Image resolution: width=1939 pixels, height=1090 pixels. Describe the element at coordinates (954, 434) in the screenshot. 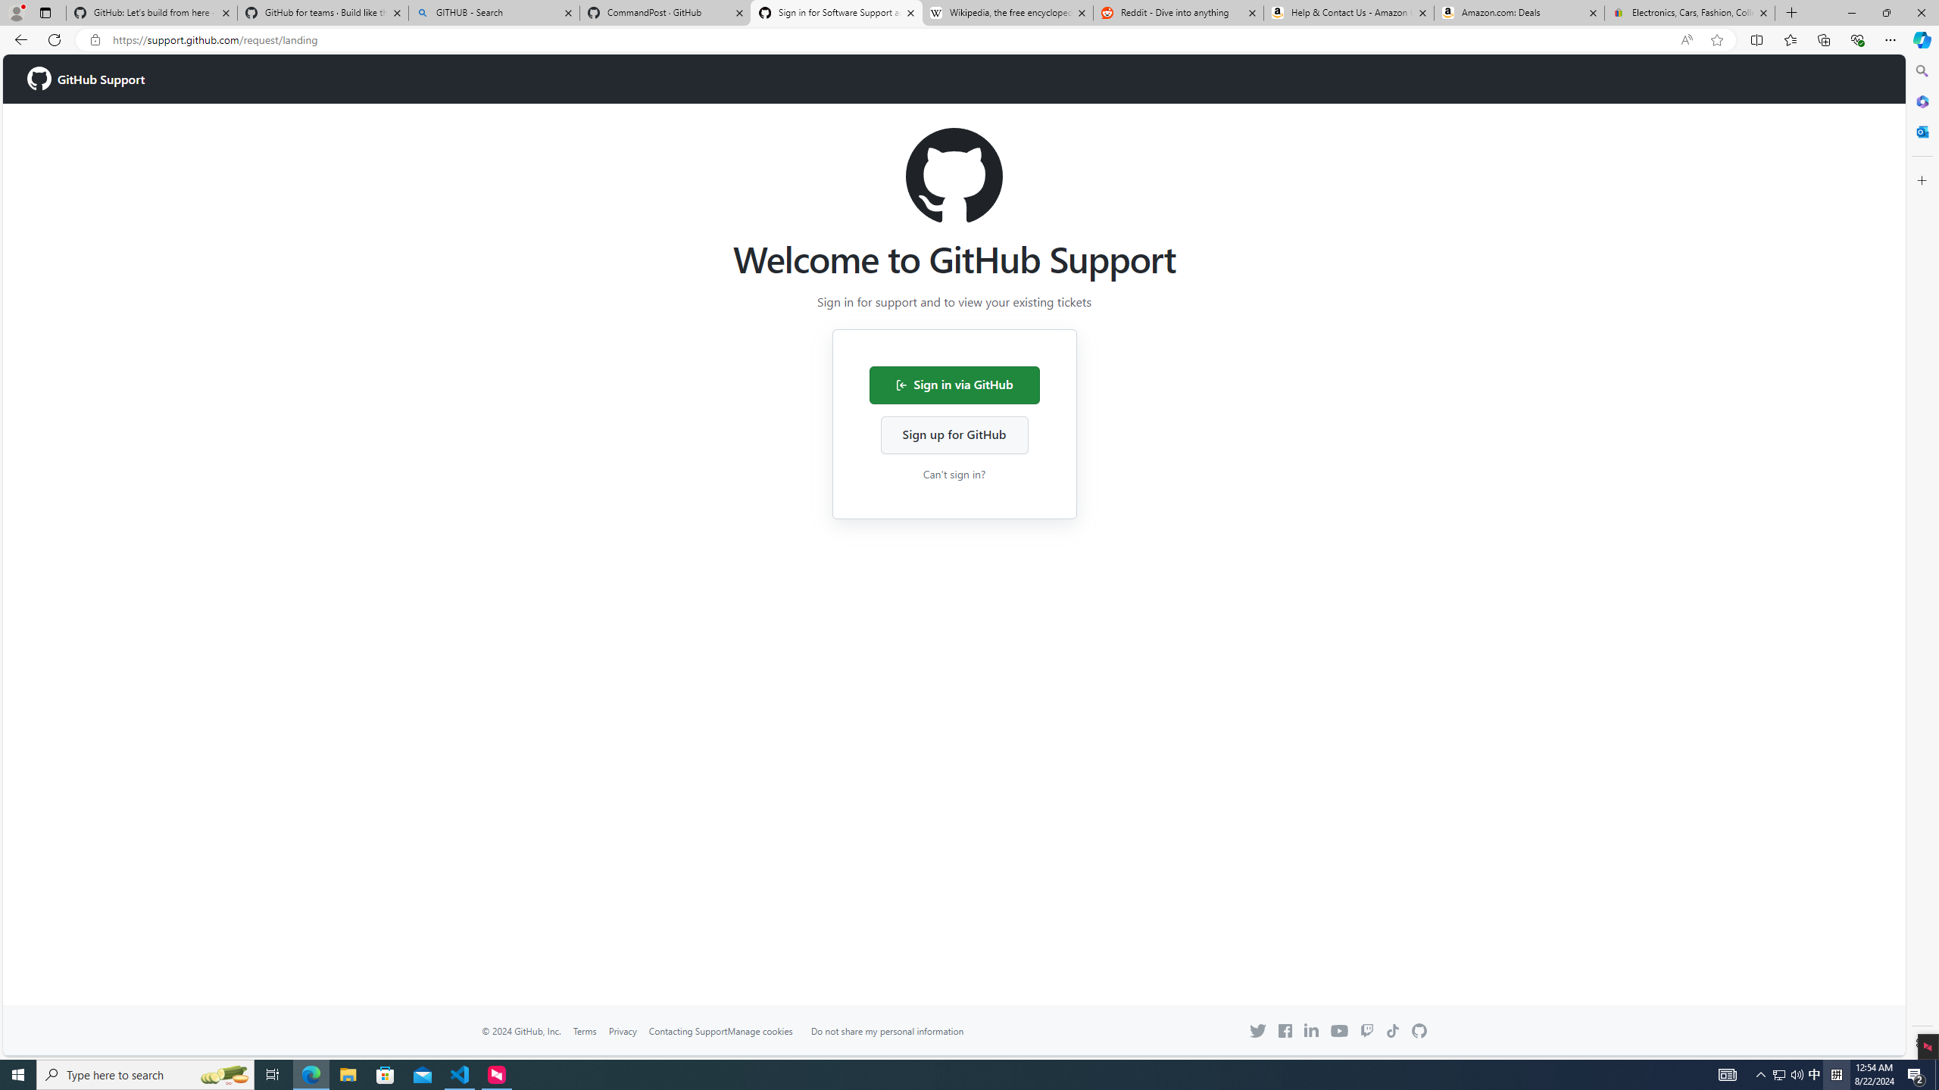

I see `'Sign up for GitHub'` at that location.